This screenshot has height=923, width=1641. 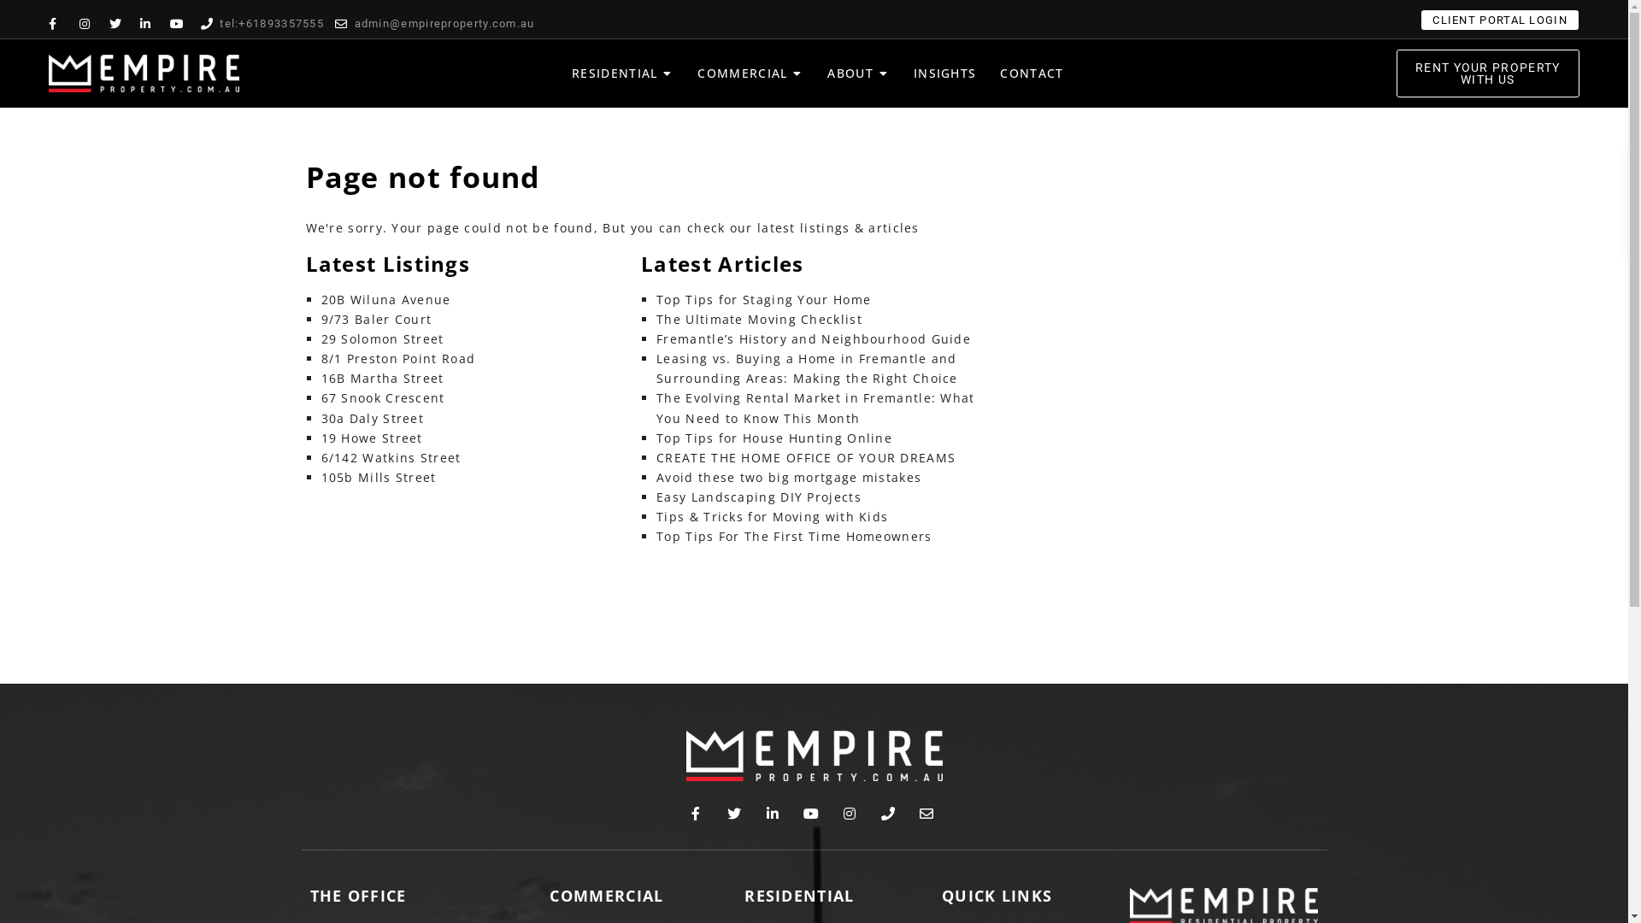 What do you see at coordinates (381, 338) in the screenshot?
I see `'29 Solomon Street'` at bounding box center [381, 338].